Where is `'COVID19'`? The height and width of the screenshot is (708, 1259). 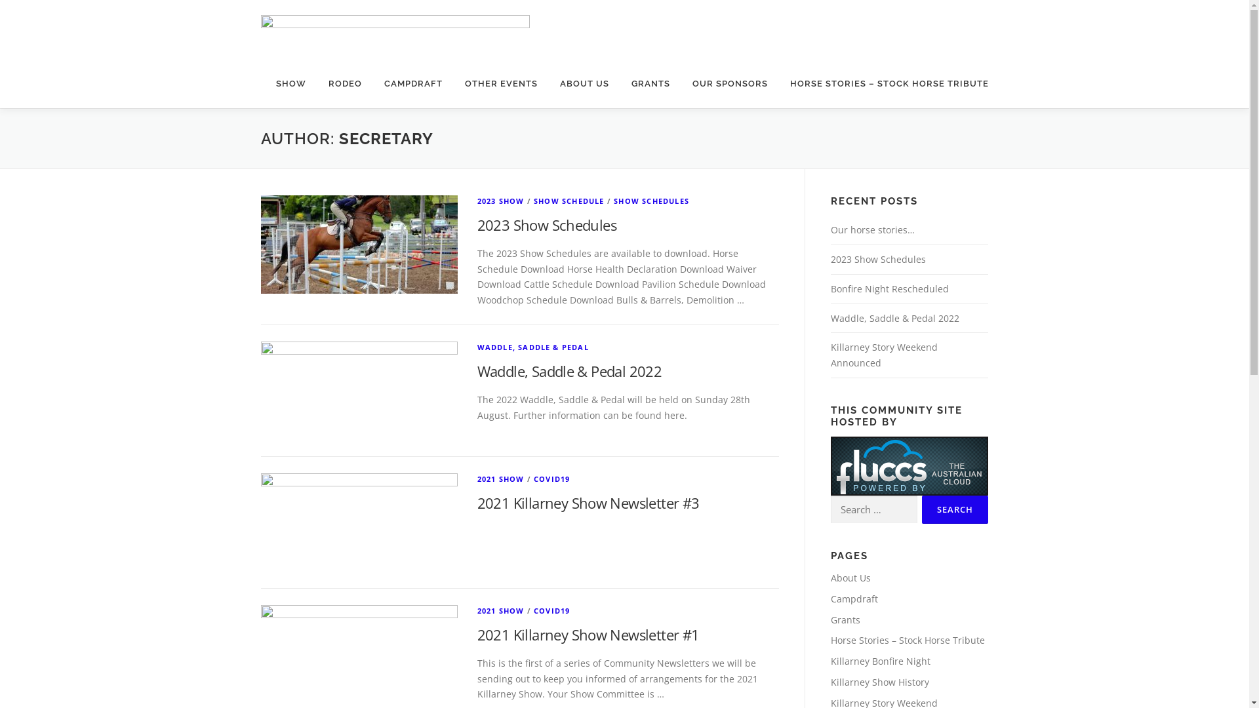
'COVID19' is located at coordinates (534, 479).